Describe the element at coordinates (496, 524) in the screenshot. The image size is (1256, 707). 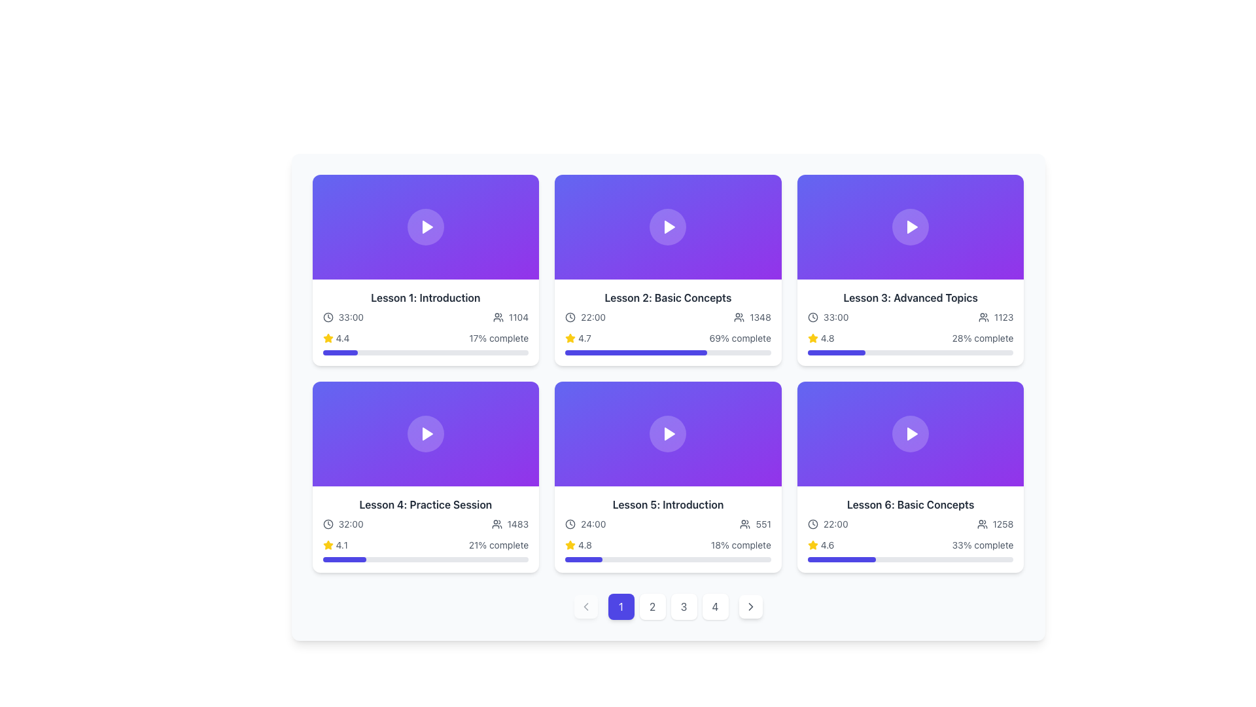
I see `the icon depicting two user figures, which is located to the left of the text '1483' in the fourth card of the grid layout, specifically in the second row and first column` at that location.